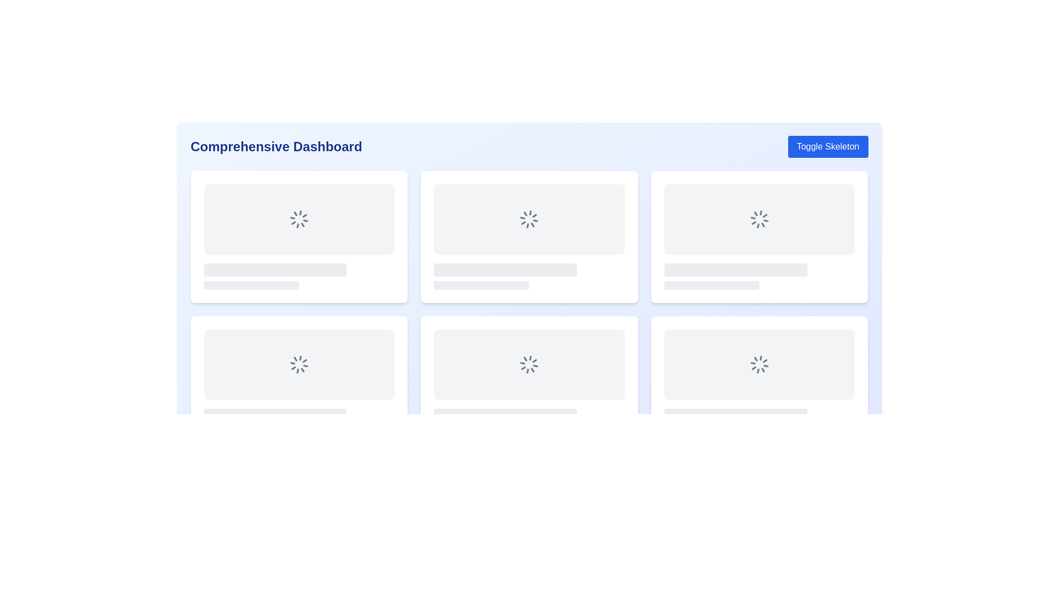 The width and height of the screenshot is (1056, 594). What do you see at coordinates (481, 430) in the screenshot?
I see `the Loading Placeholder Bar, which is a rectangular bar with a gray background and slightly rounded corners, located in the bottom-left card of a grid layout` at bounding box center [481, 430].